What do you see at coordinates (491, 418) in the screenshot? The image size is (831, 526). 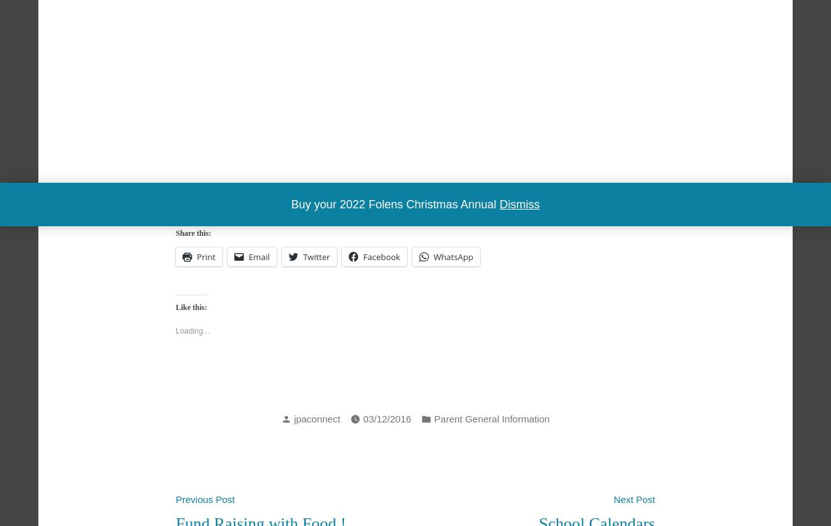 I see `'Parent General Information'` at bounding box center [491, 418].